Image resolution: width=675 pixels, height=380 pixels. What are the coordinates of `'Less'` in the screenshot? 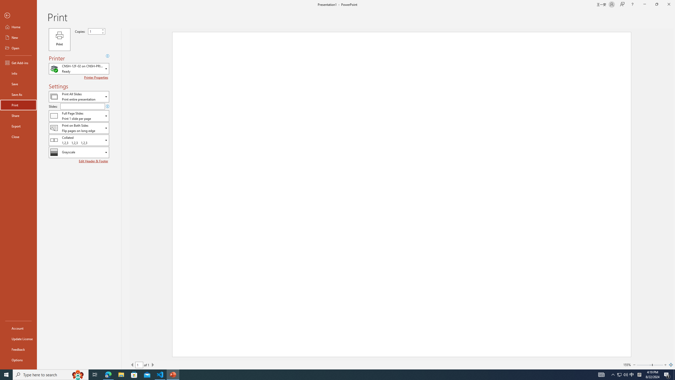 It's located at (102, 32).